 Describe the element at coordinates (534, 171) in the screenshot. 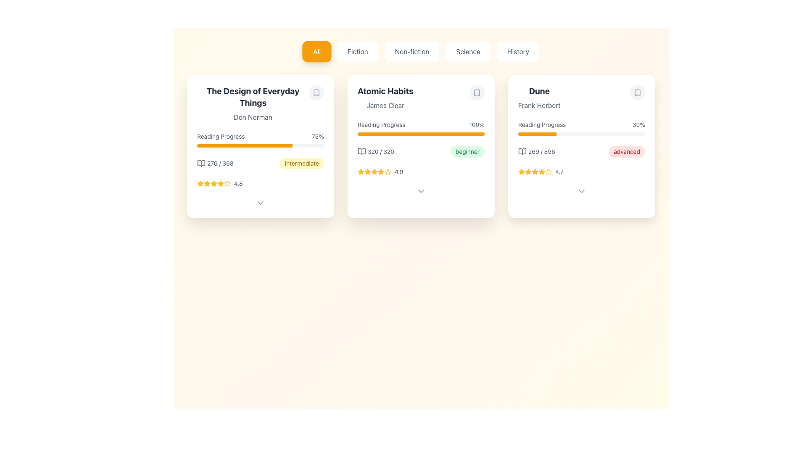

I see `the rating value by focusing on the fourth star-shaped icon with a yellow fill in the rating section of the 'Dune' book card` at that location.